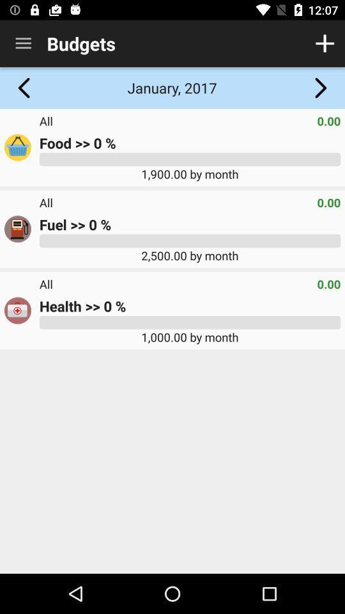  What do you see at coordinates (24, 87) in the screenshot?
I see `the arrow_backward icon` at bounding box center [24, 87].